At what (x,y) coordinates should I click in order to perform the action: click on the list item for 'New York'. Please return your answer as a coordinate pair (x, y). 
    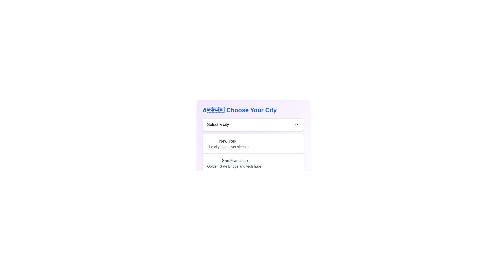
    Looking at the image, I should click on (227, 144).